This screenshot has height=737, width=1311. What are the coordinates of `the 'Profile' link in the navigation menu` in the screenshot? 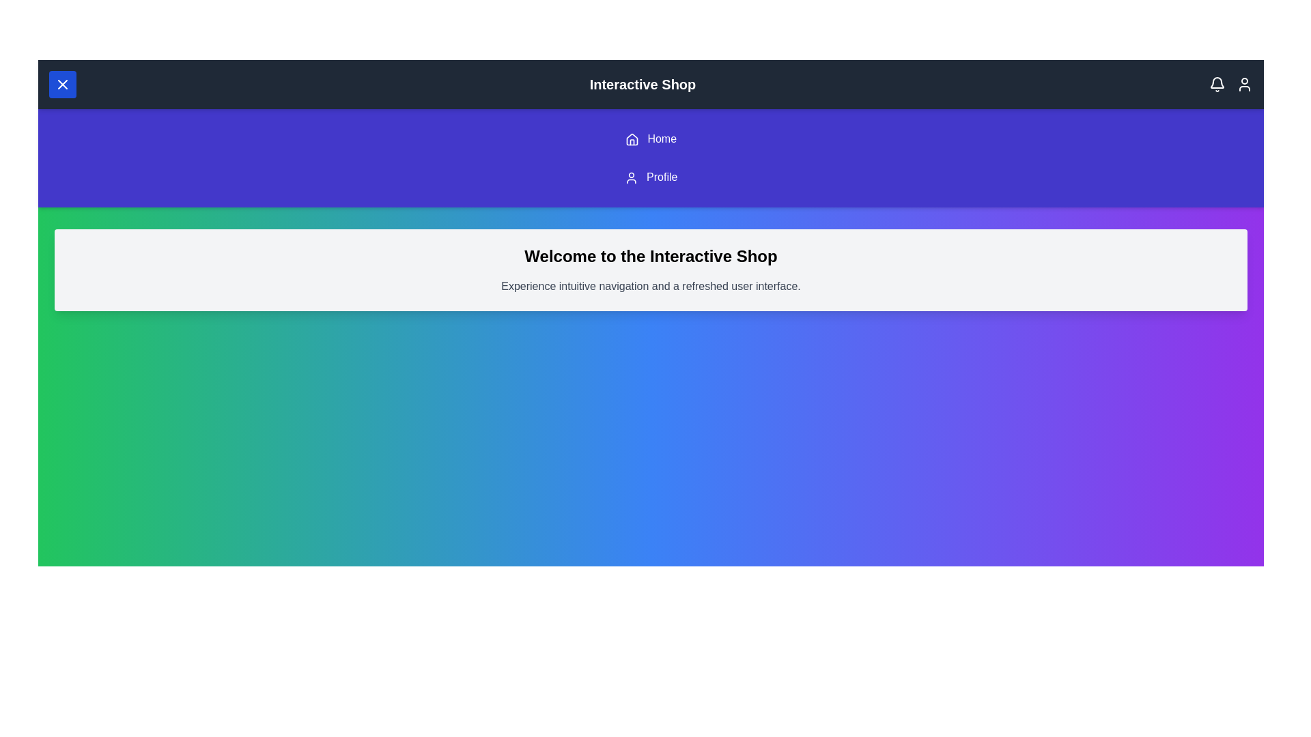 It's located at (630, 177).